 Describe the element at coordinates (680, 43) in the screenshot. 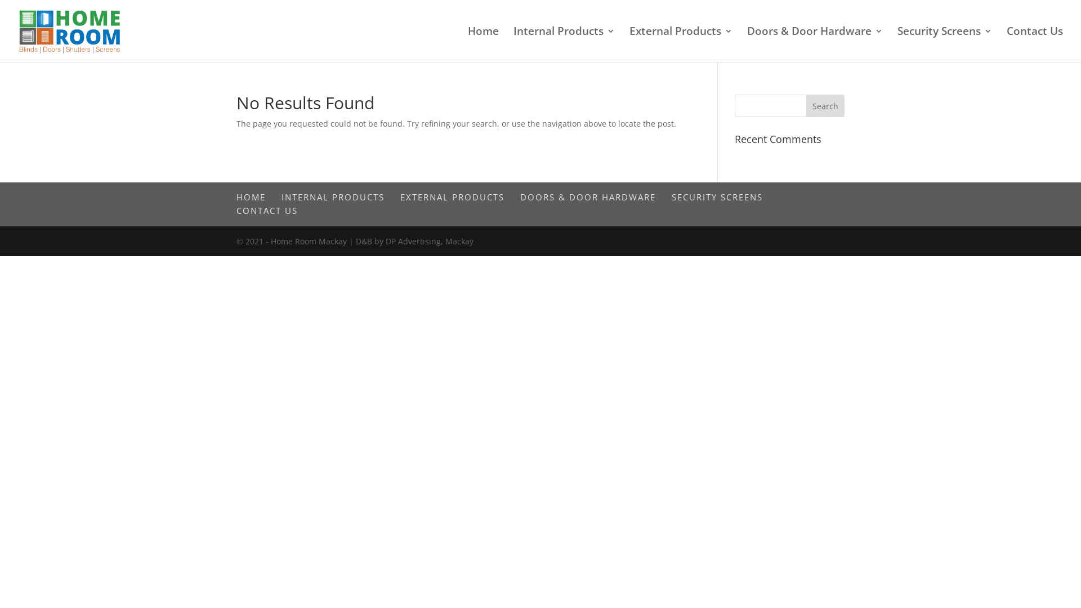

I see `'External Products'` at that location.